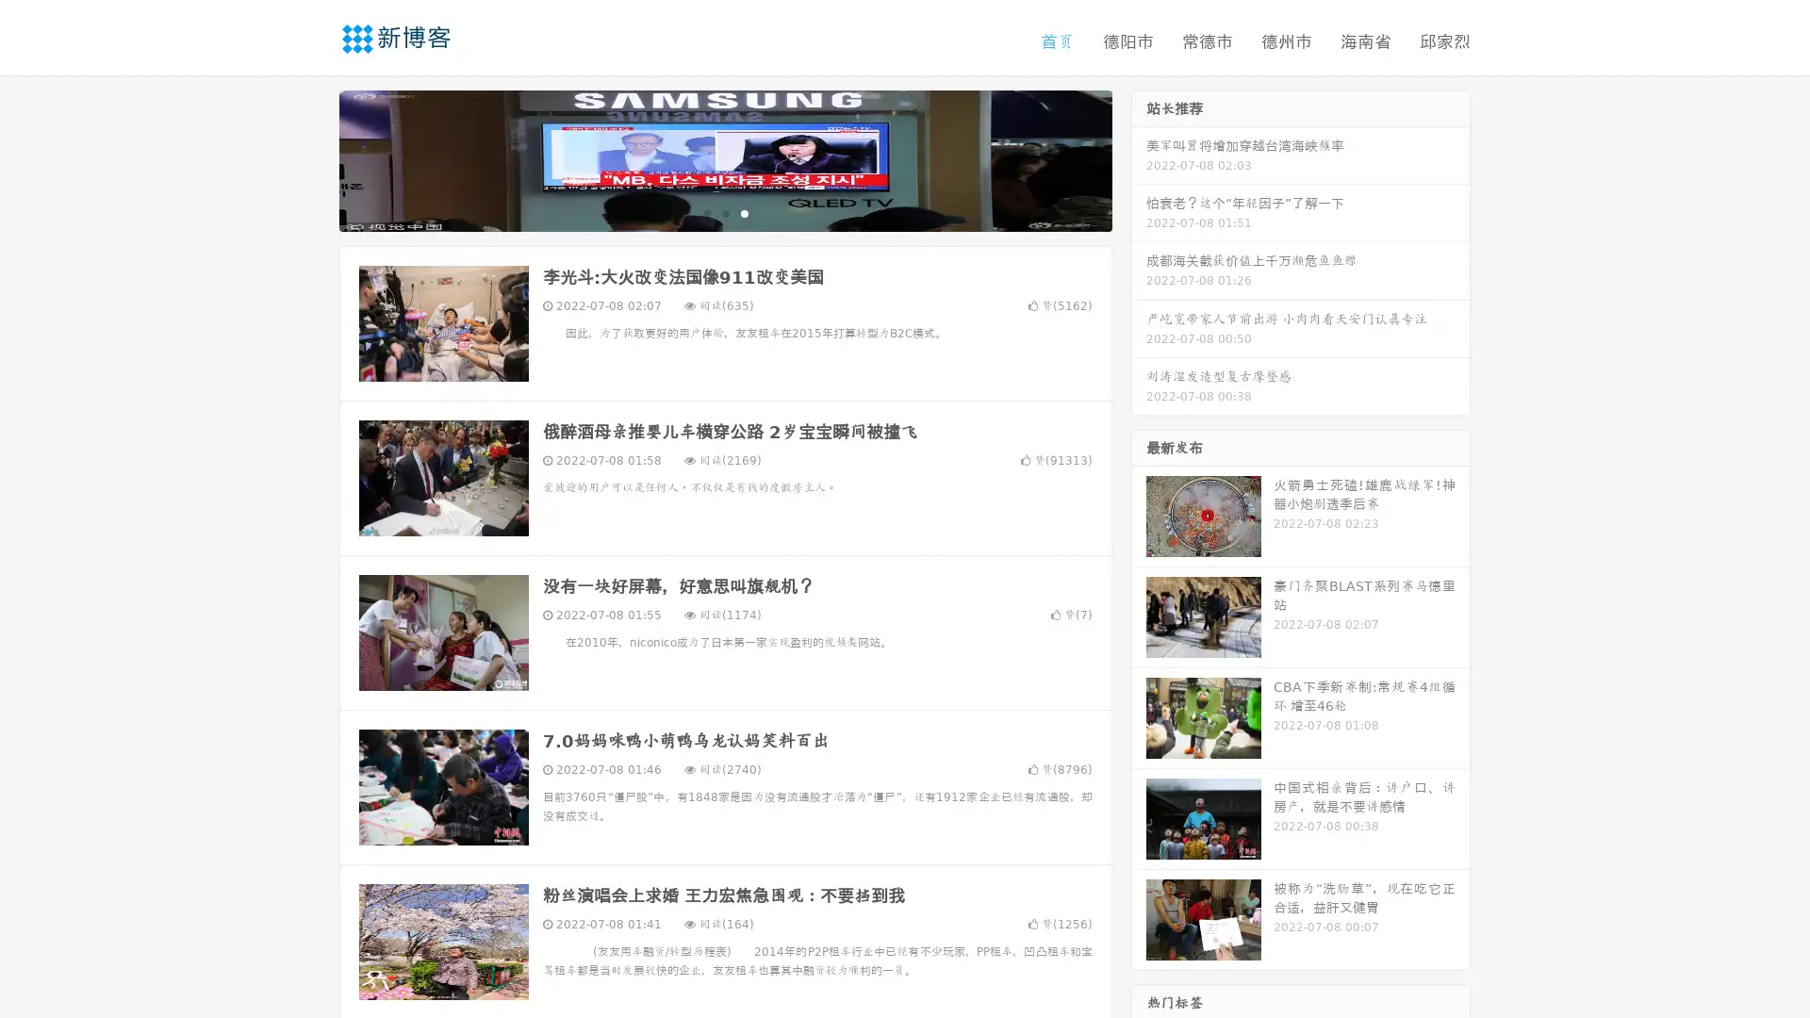  I want to click on Previous slide, so click(311, 158).